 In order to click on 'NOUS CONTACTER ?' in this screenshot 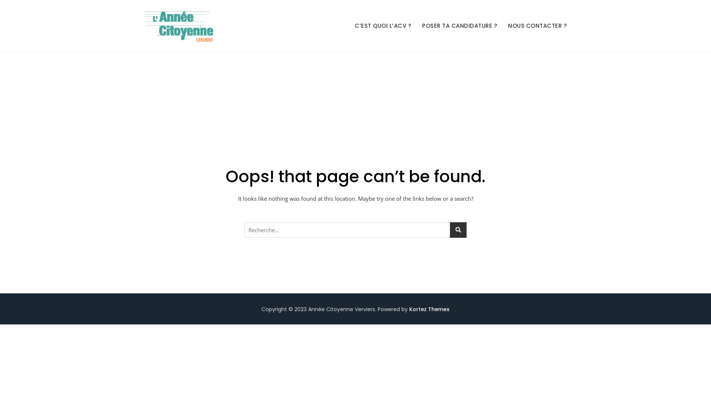, I will do `click(537, 26)`.